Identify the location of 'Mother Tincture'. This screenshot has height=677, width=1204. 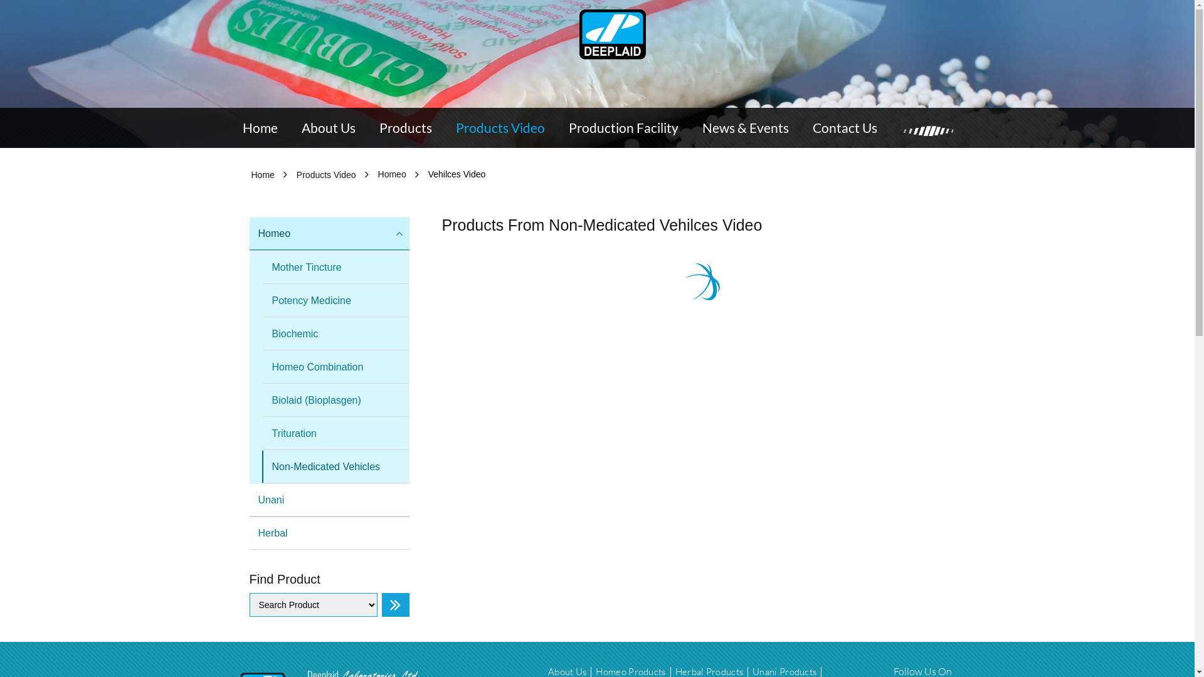
(335, 267).